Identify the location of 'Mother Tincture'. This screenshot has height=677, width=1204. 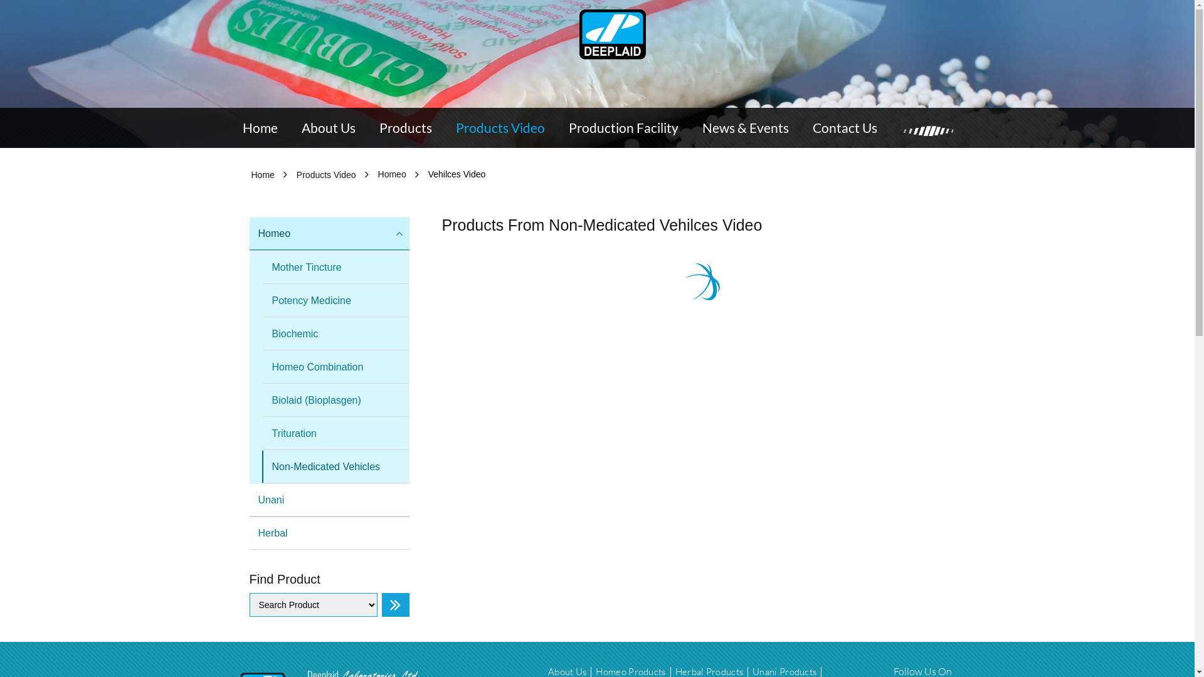
(335, 267).